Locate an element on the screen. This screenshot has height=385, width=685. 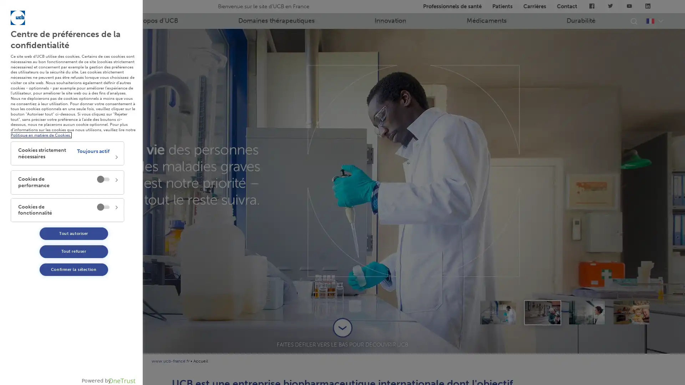
Cookies strictement necessaires is located at coordinates (67, 153).